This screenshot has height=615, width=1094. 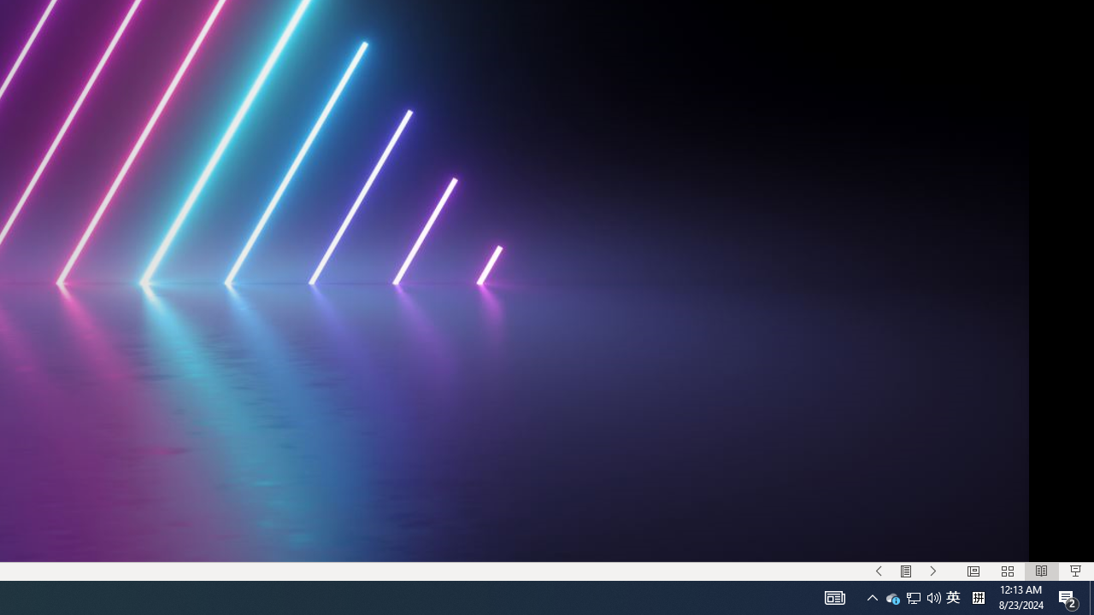 What do you see at coordinates (879, 571) in the screenshot?
I see `'Slide Show Previous On'` at bounding box center [879, 571].